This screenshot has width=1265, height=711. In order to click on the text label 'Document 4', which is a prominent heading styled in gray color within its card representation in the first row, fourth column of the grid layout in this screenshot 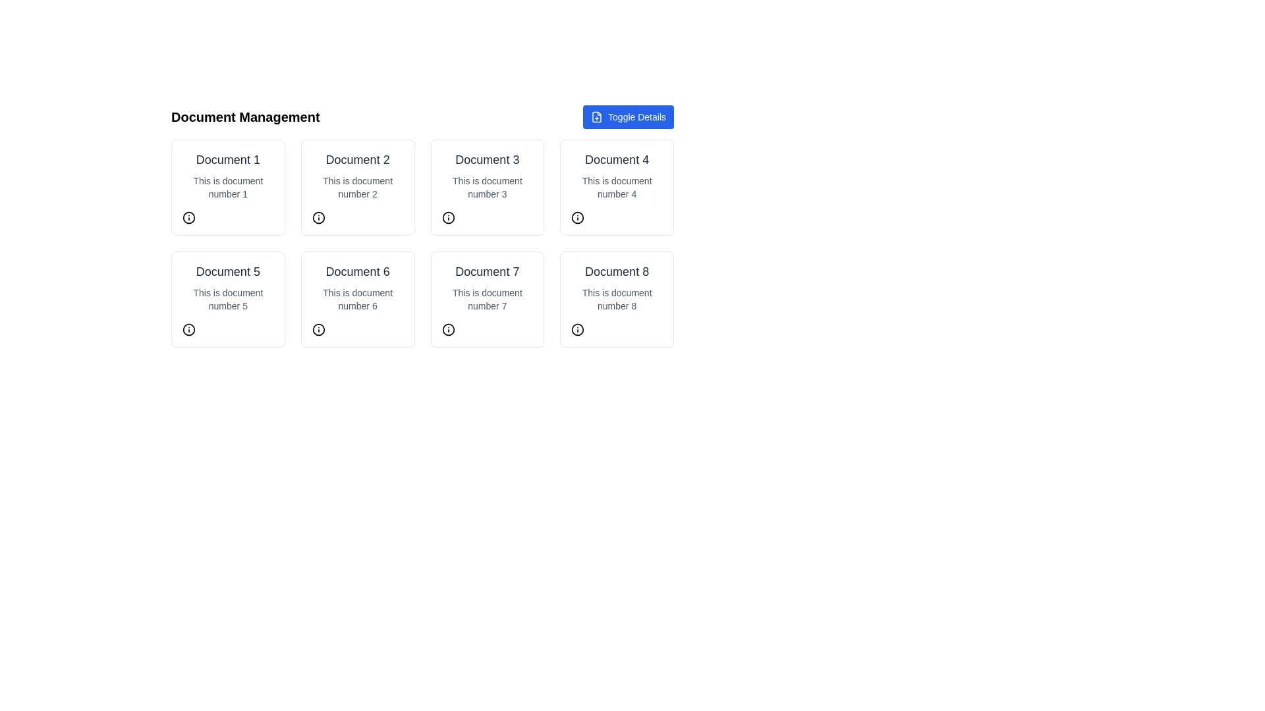, I will do `click(616, 159)`.